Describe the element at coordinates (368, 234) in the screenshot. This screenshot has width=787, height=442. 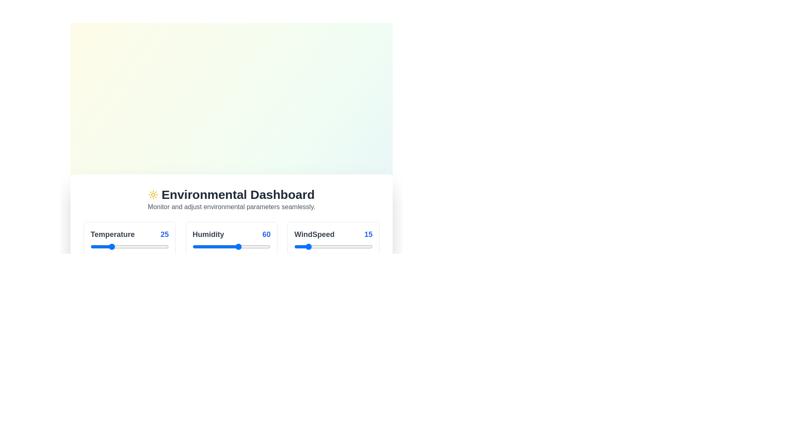
I see `the Static Text displaying the current wind speed value, which is located at the far right of the environmental parameters row, right-aligned next to the 'WindSpeed' label` at that location.